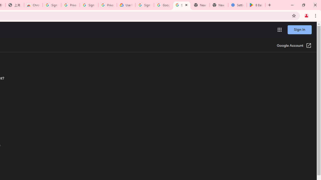 The image size is (321, 180). What do you see at coordinates (163, 5) in the screenshot?
I see `'Google Account Help'` at bounding box center [163, 5].